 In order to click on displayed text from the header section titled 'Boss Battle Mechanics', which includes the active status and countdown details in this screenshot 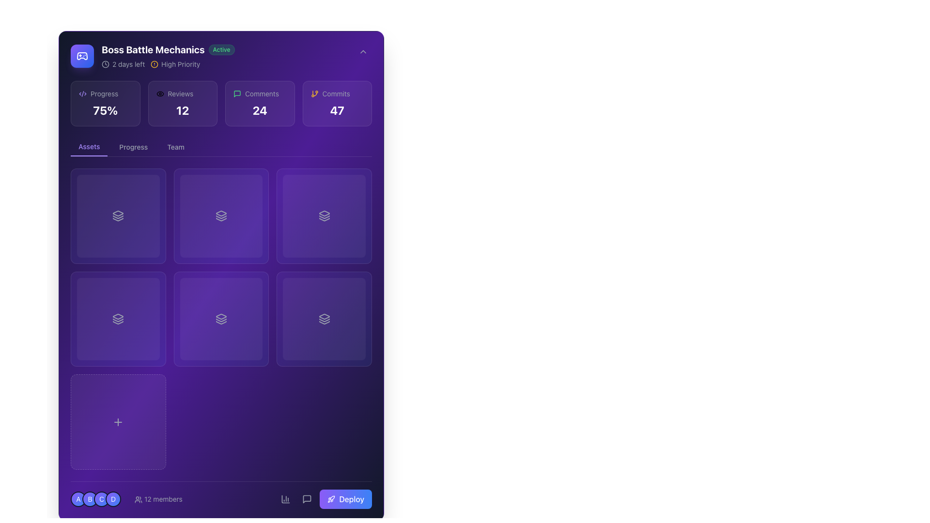, I will do `click(220, 56)`.